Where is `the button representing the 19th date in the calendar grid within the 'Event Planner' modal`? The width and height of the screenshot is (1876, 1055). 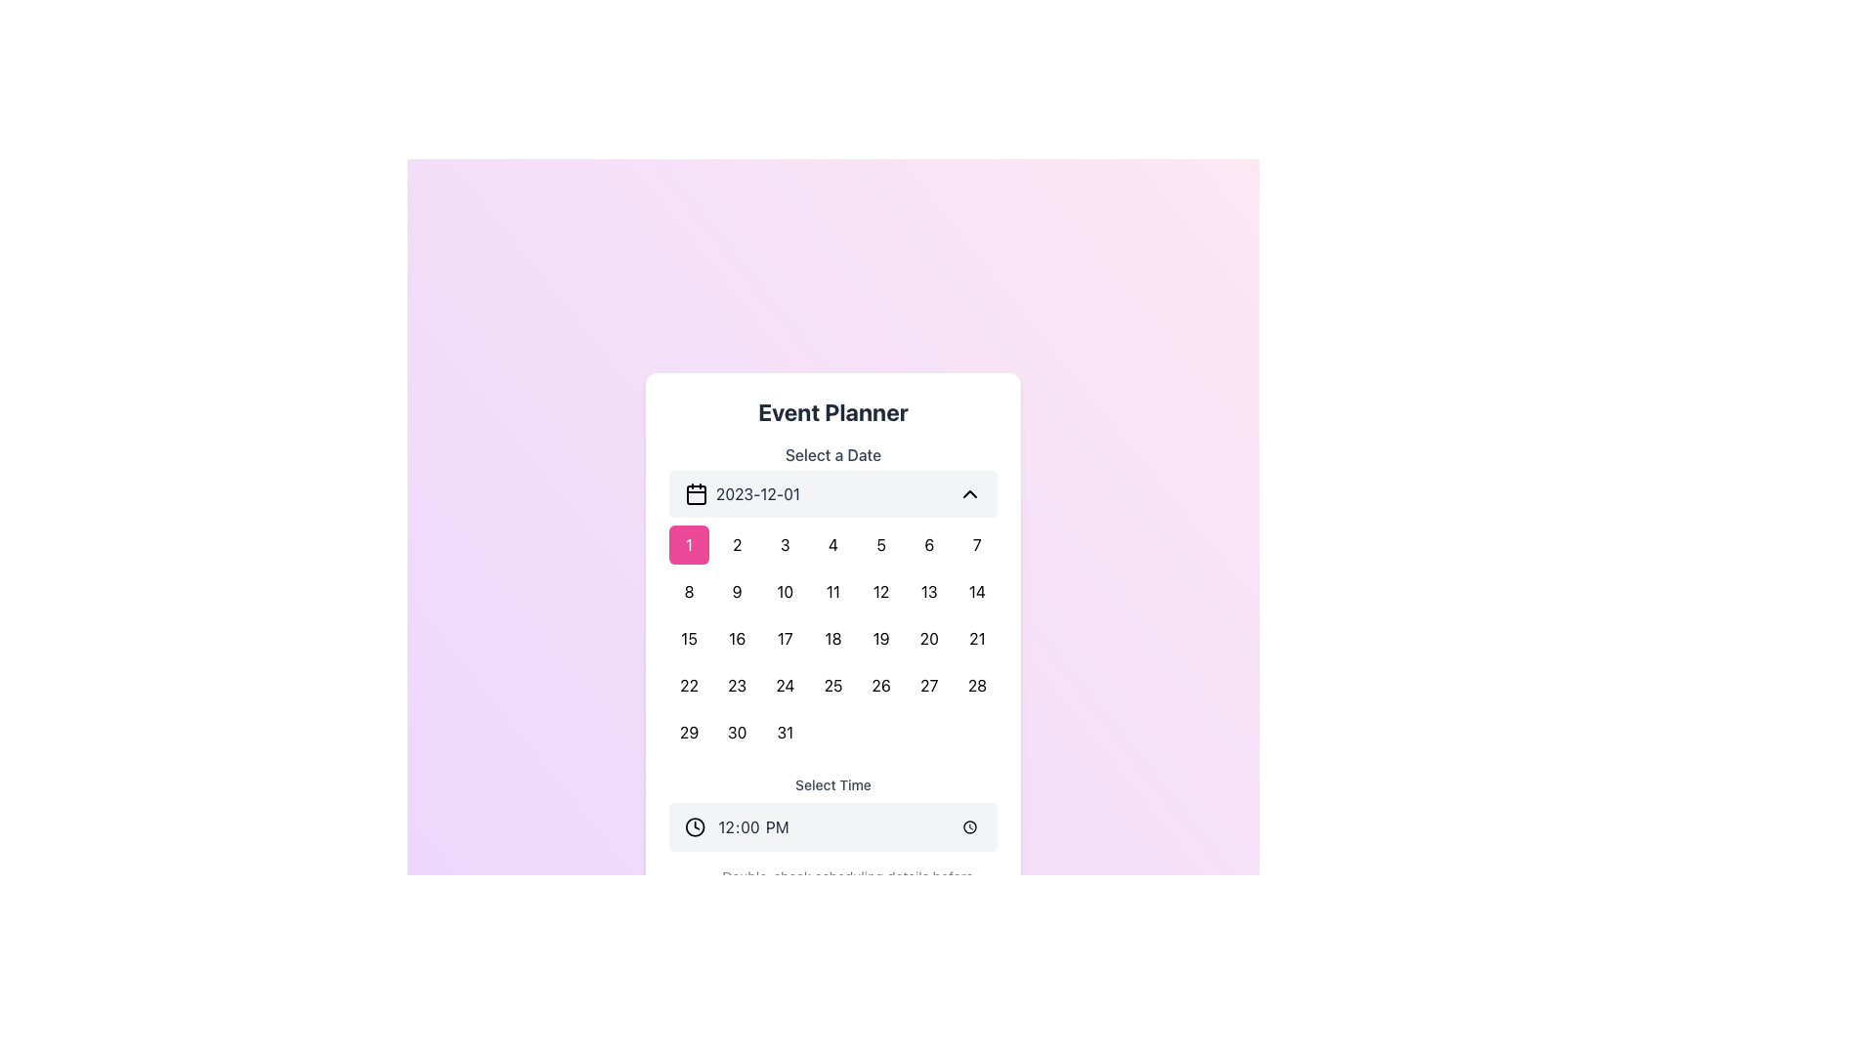
the button representing the 19th date in the calendar grid within the 'Event Planner' modal is located at coordinates (880, 639).